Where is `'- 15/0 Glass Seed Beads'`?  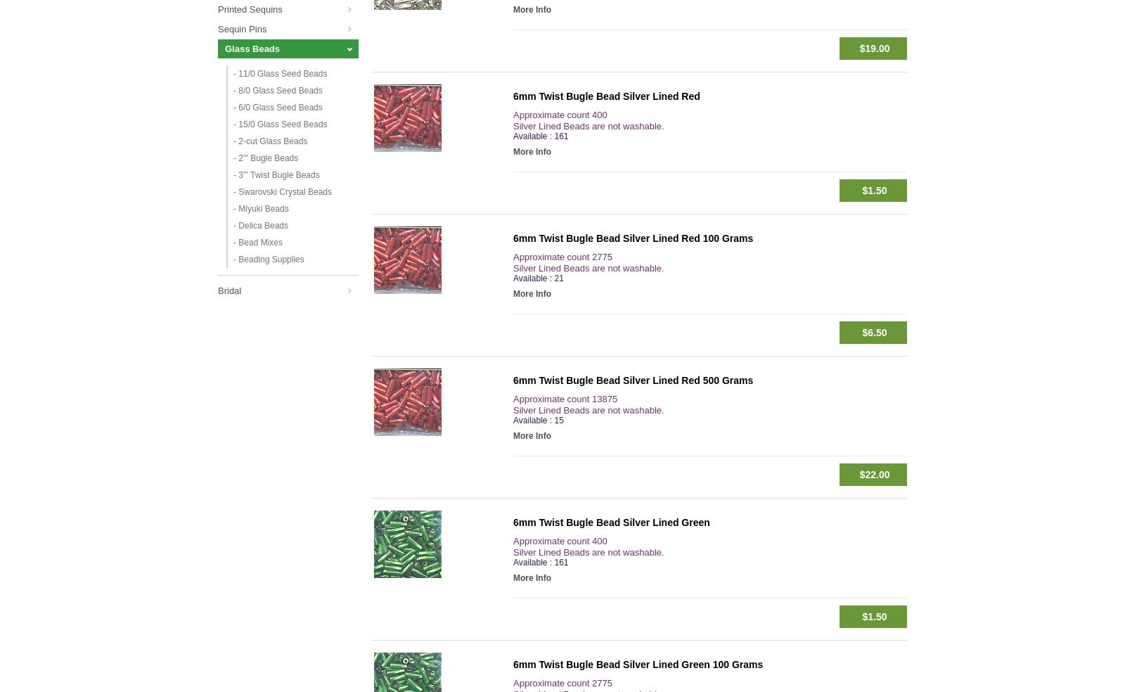
'- 15/0 Glass Seed Beads' is located at coordinates (280, 124).